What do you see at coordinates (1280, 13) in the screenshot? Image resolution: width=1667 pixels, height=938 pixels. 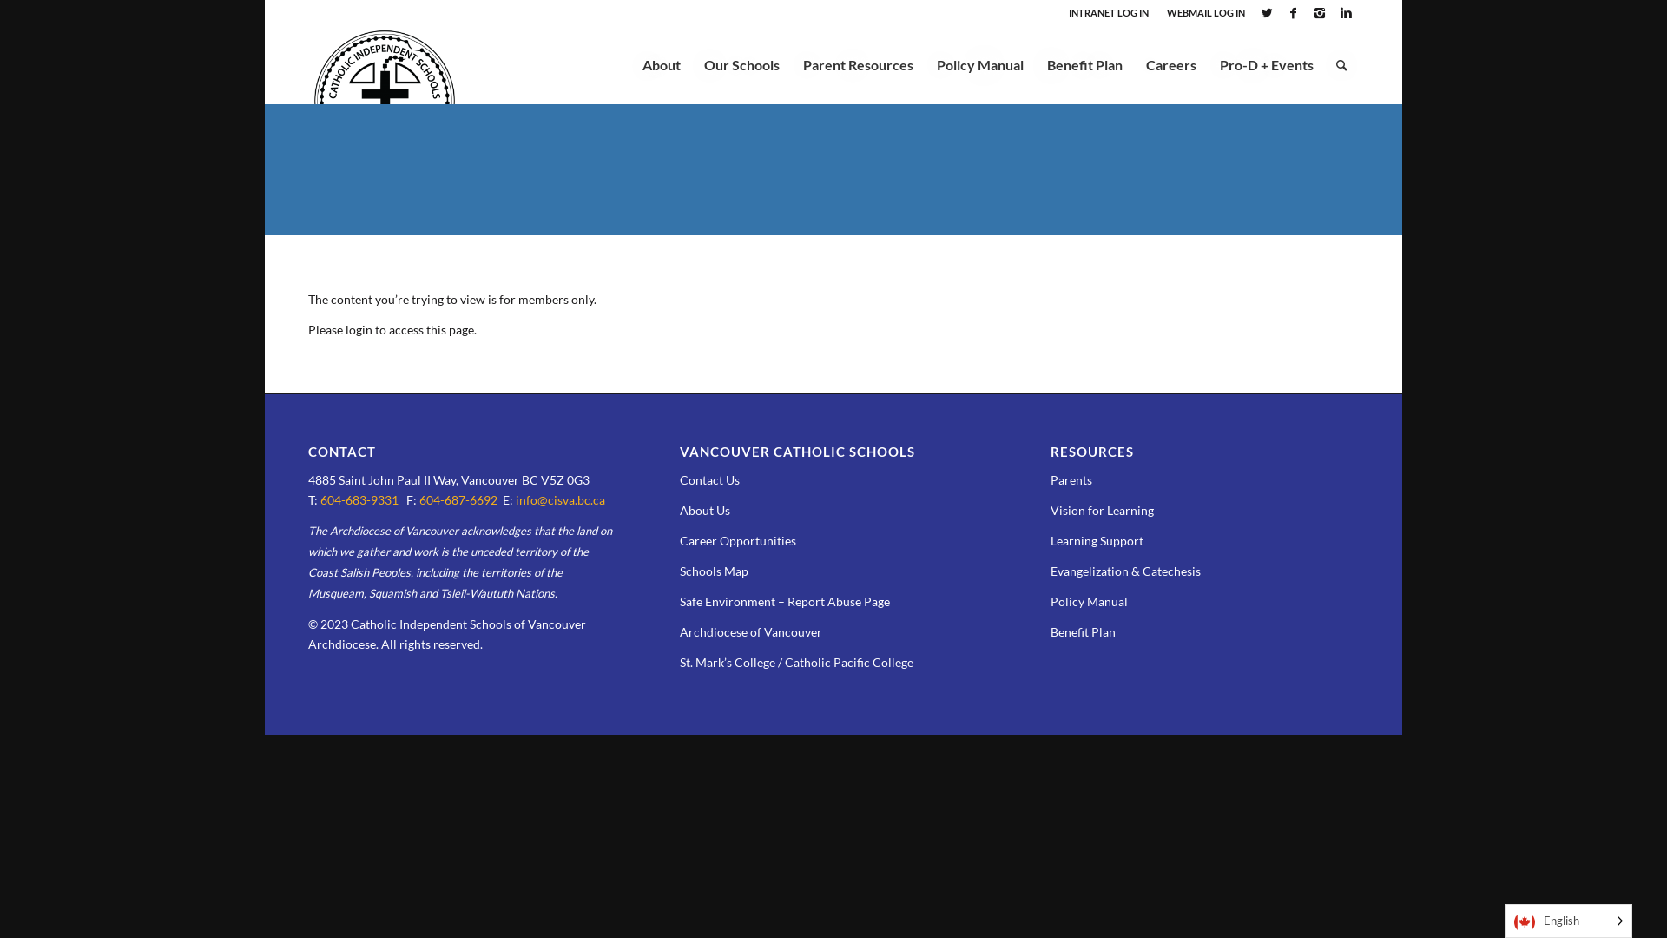 I see `'Facebook'` at bounding box center [1280, 13].